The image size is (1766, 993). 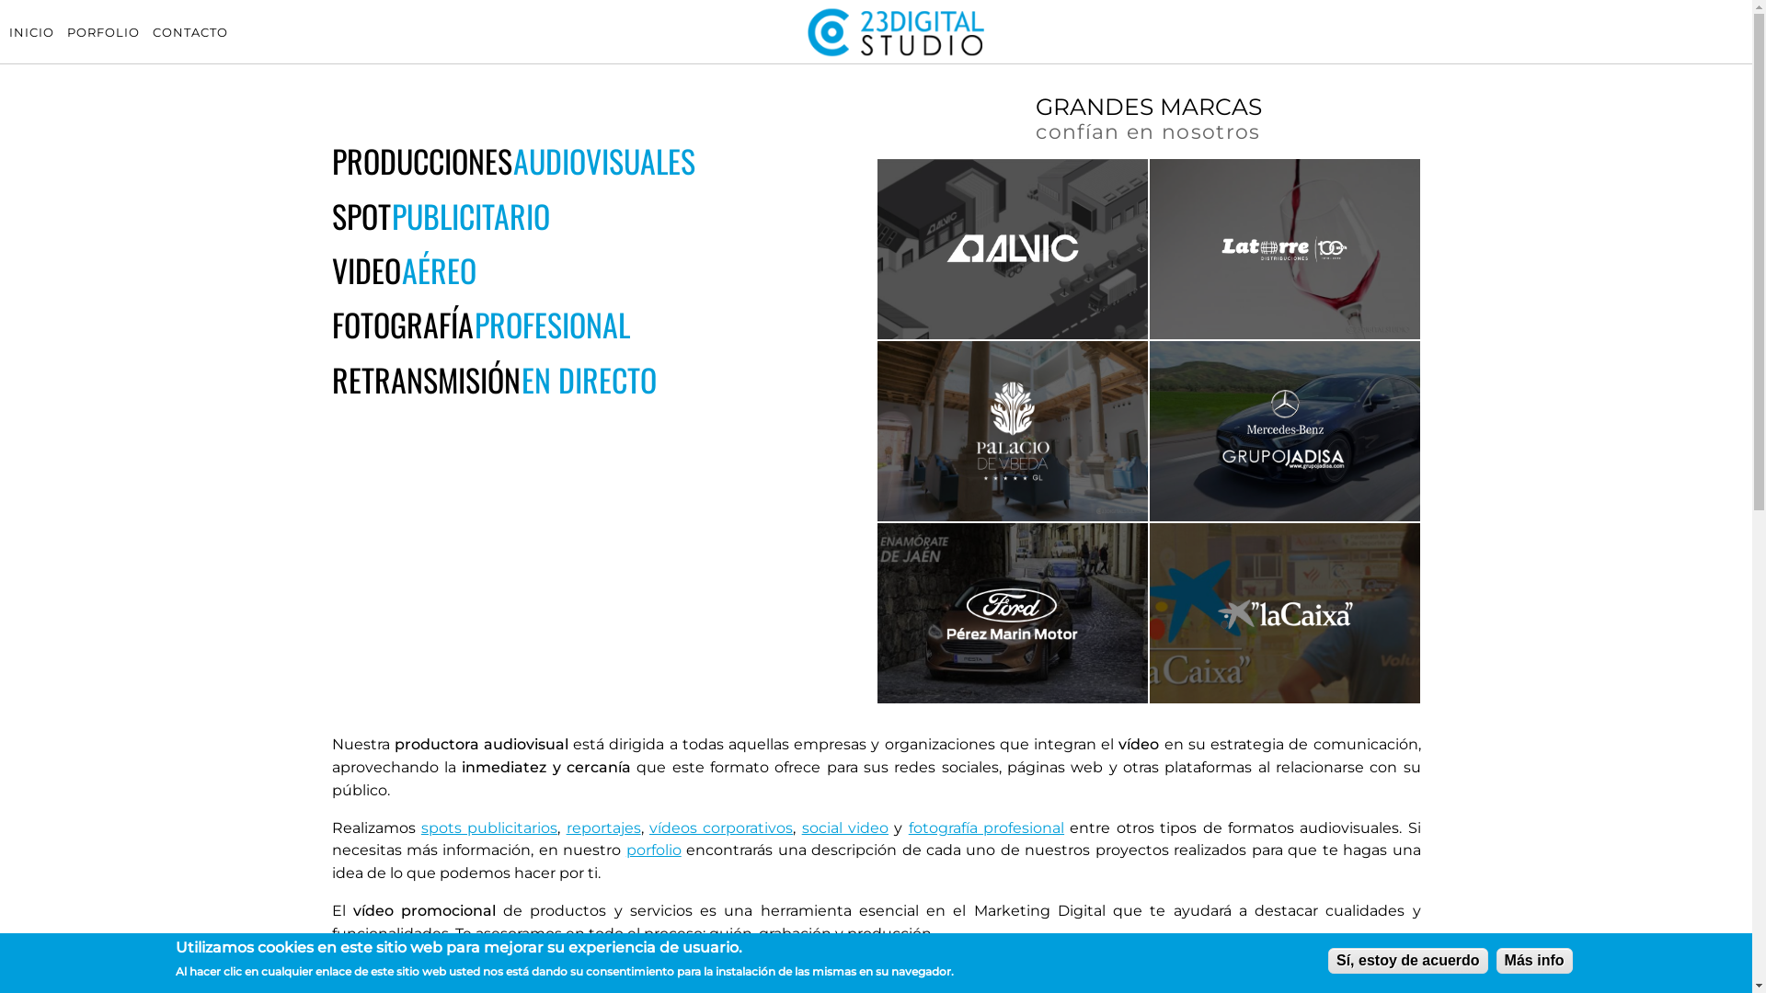 What do you see at coordinates (0, 0) in the screenshot?
I see `'Pasar al contenido principal'` at bounding box center [0, 0].